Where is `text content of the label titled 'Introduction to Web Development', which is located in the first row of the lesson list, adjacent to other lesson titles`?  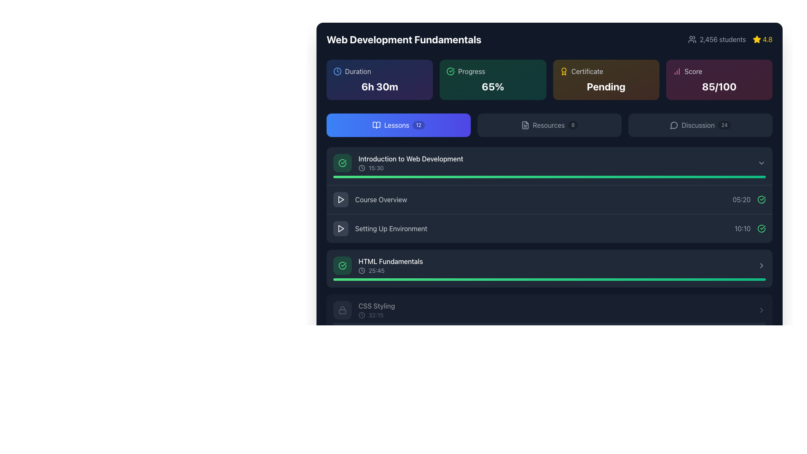 text content of the label titled 'Introduction to Web Development', which is located in the first row of the lesson list, adjacent to other lesson titles is located at coordinates (411, 159).